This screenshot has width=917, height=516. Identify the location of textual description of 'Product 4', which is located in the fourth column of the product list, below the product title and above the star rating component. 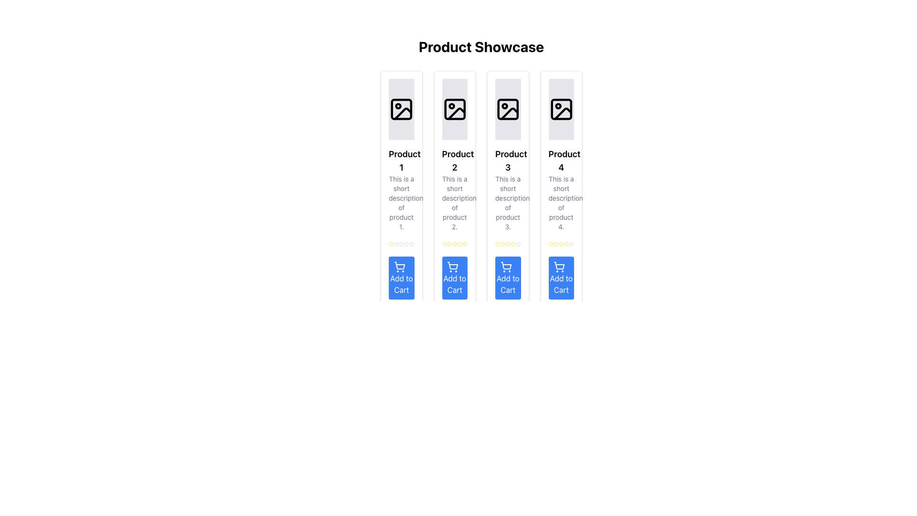
(561, 202).